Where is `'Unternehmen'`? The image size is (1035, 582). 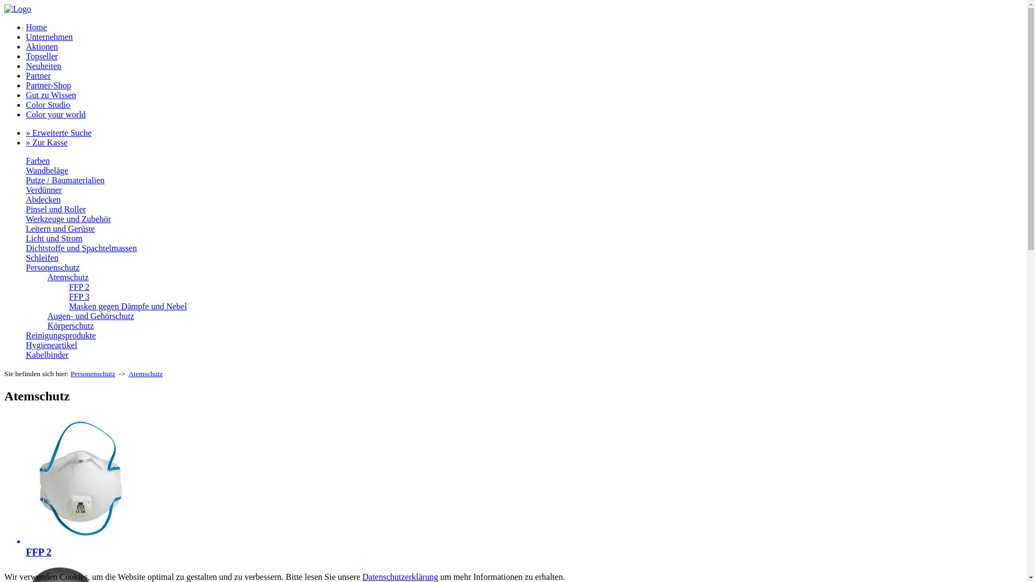 'Unternehmen' is located at coordinates (49, 36).